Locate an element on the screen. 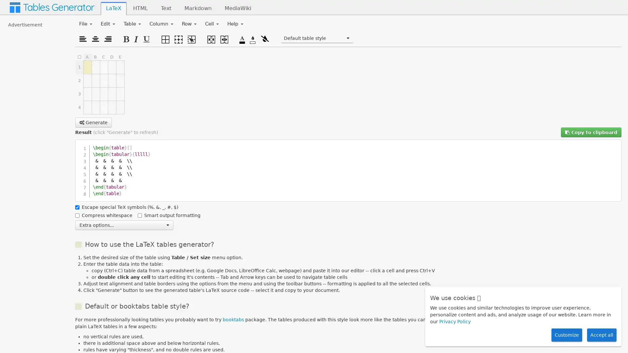  Row is located at coordinates (189, 24).